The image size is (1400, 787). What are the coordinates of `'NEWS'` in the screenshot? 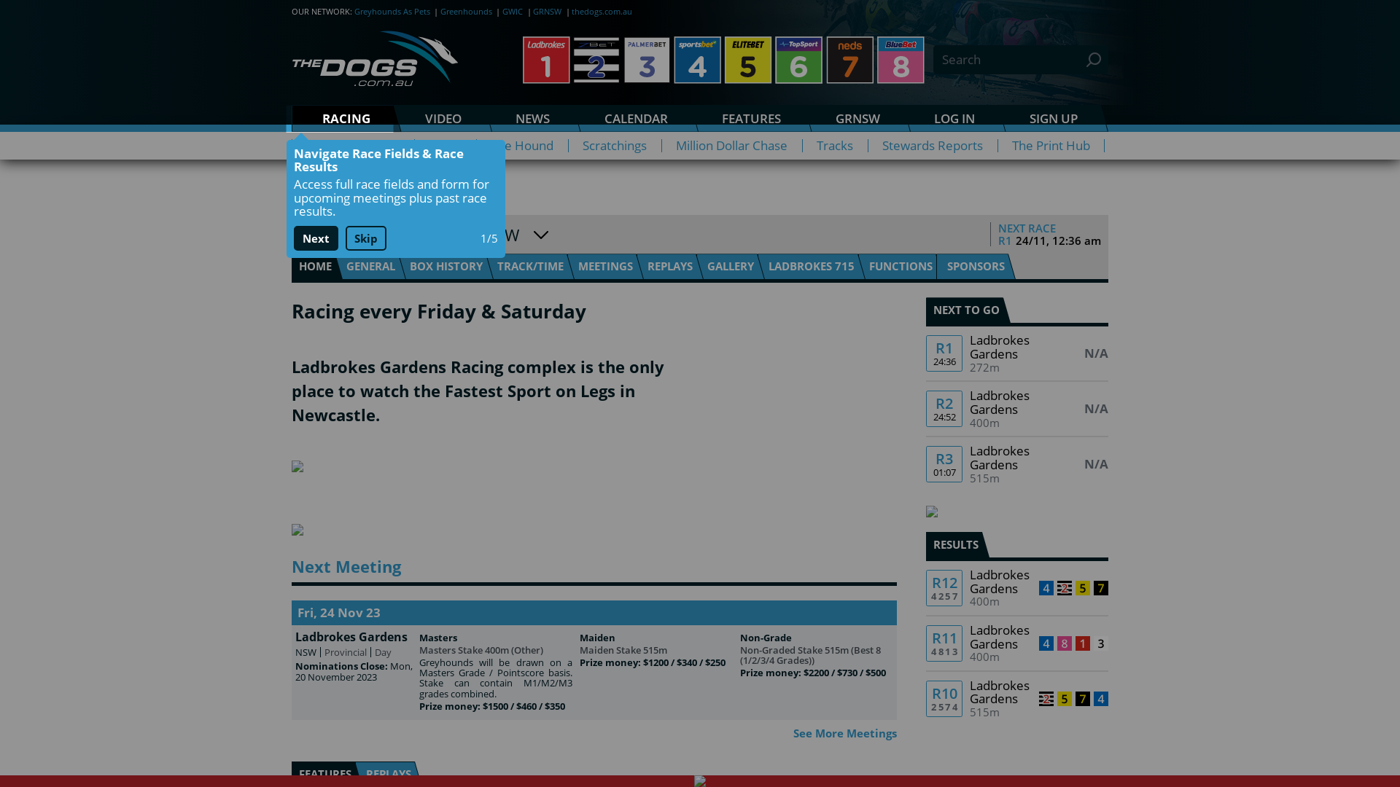 It's located at (532, 117).